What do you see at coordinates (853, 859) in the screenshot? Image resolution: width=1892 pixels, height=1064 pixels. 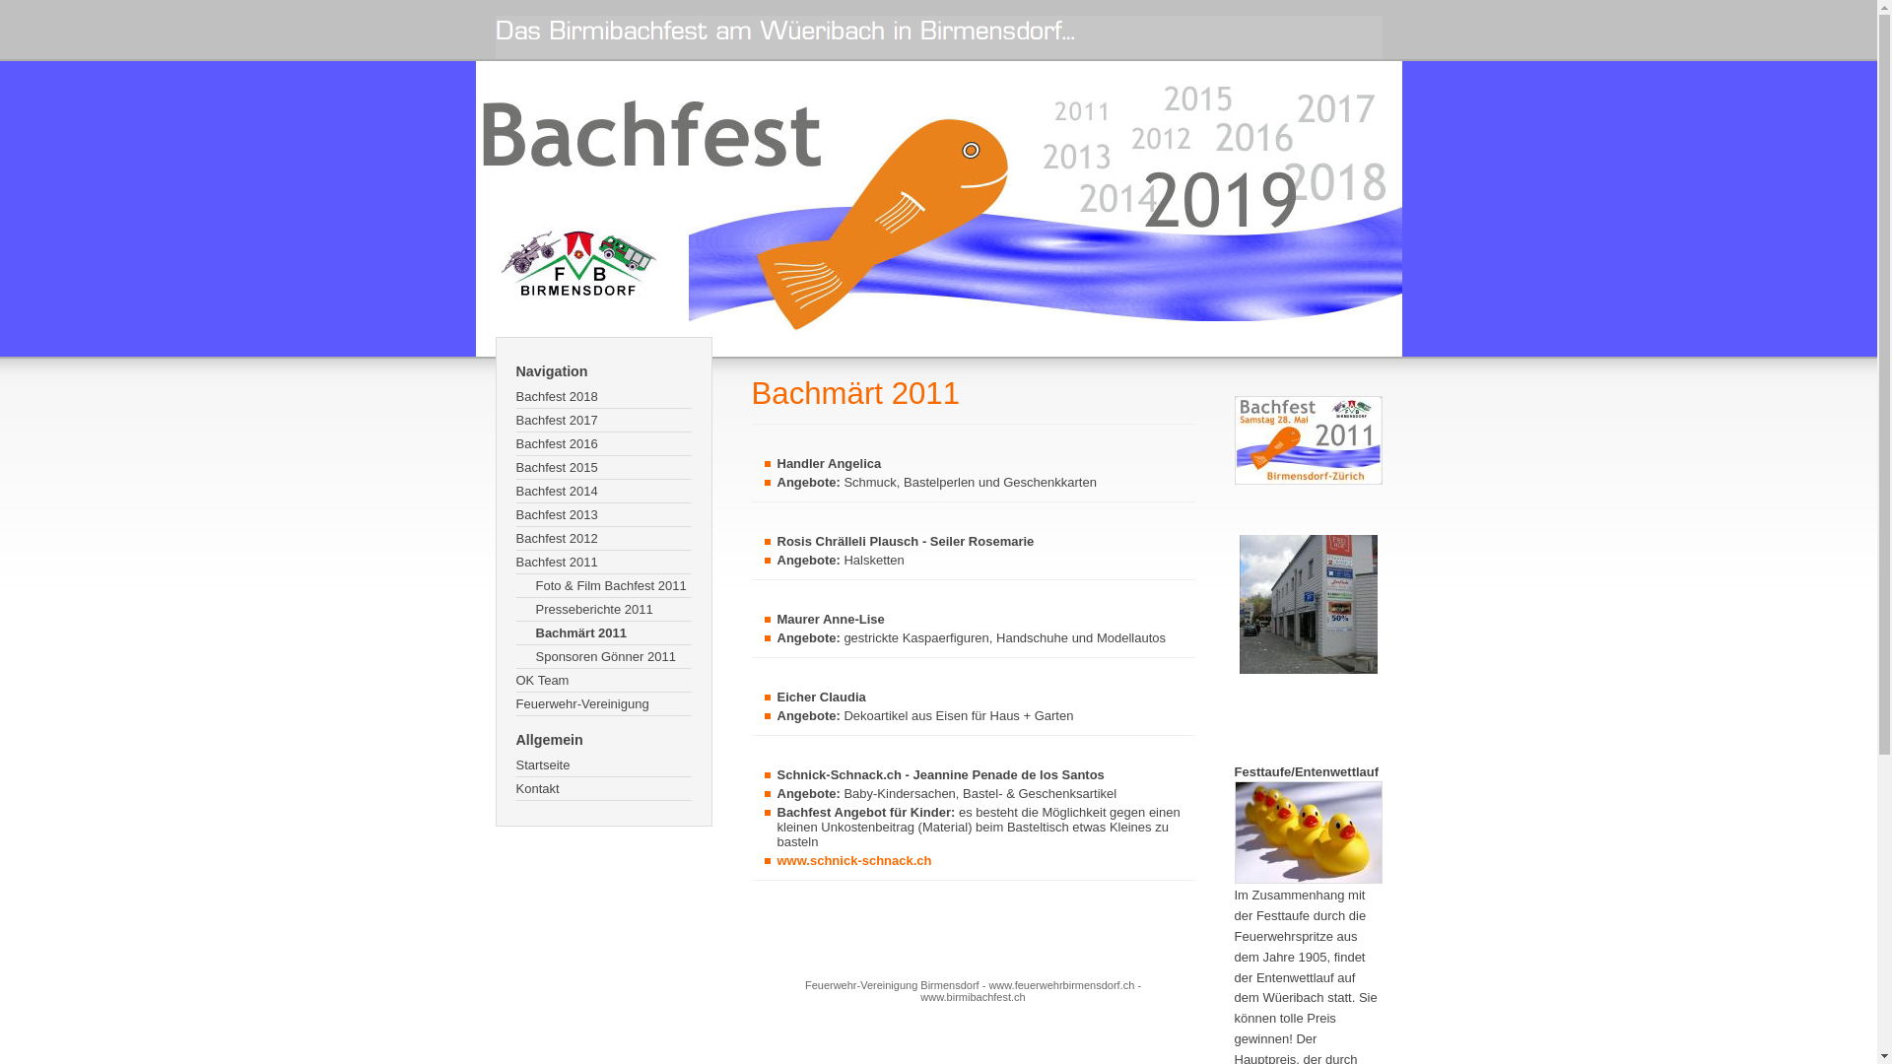 I see `'www.schnick-schnack.ch'` at bounding box center [853, 859].